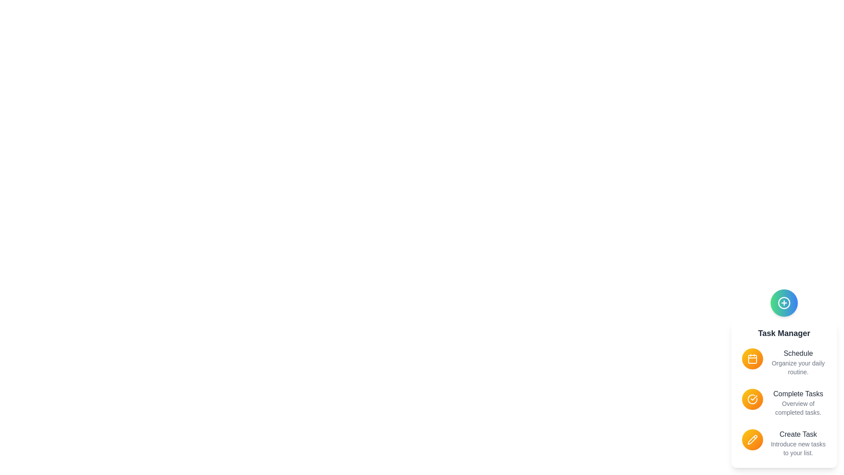 The width and height of the screenshot is (844, 475). What do you see at coordinates (798, 393) in the screenshot?
I see `the 'Complete Tasks' option in the task manager` at bounding box center [798, 393].